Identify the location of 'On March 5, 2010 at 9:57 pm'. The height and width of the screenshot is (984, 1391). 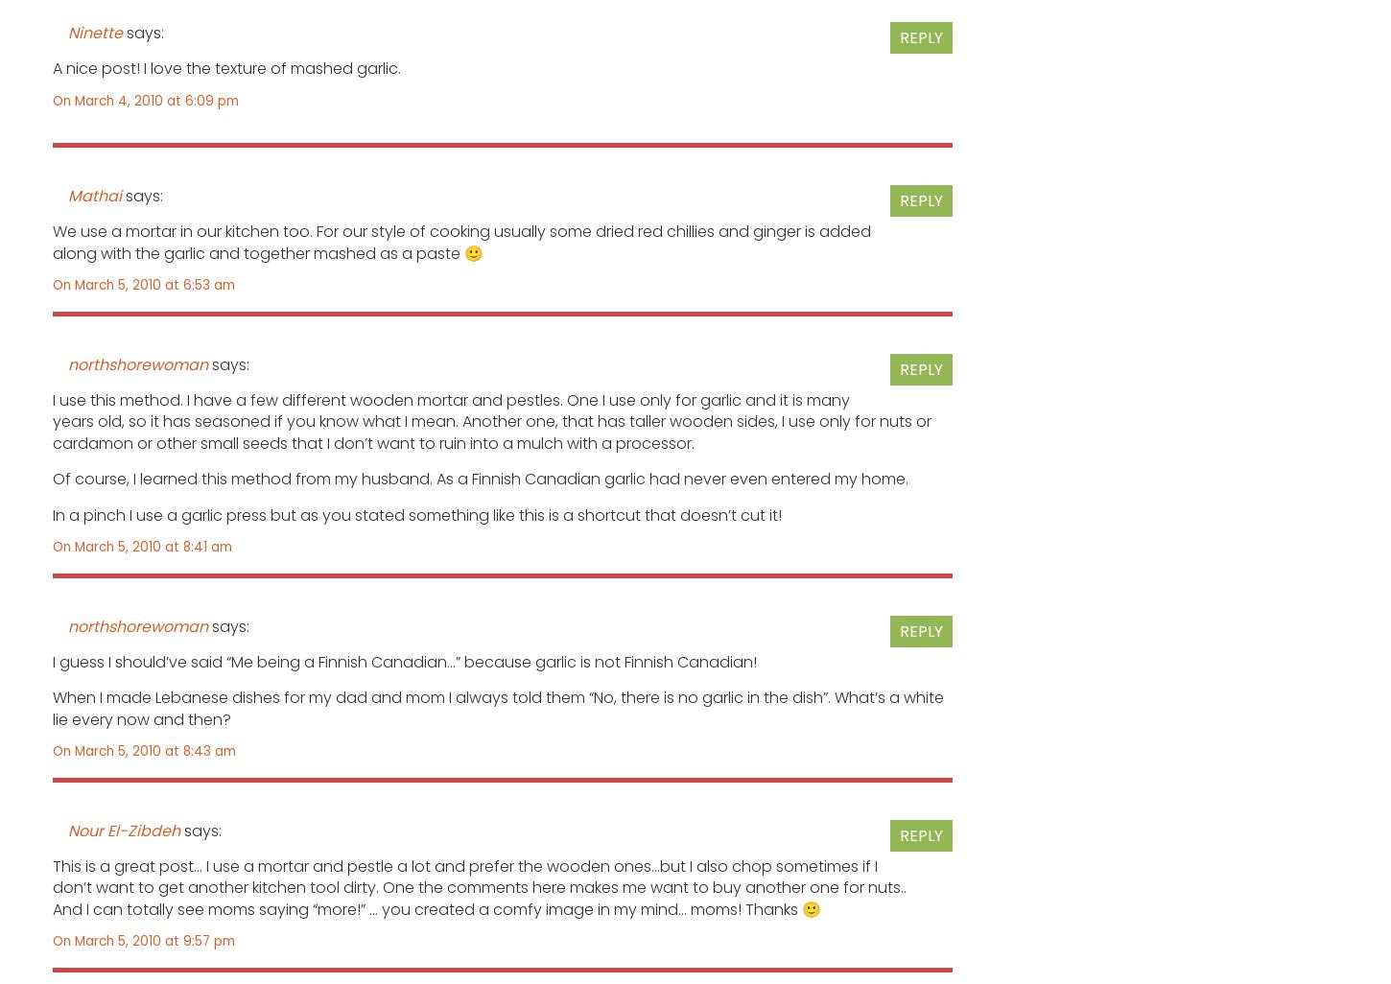
(142, 940).